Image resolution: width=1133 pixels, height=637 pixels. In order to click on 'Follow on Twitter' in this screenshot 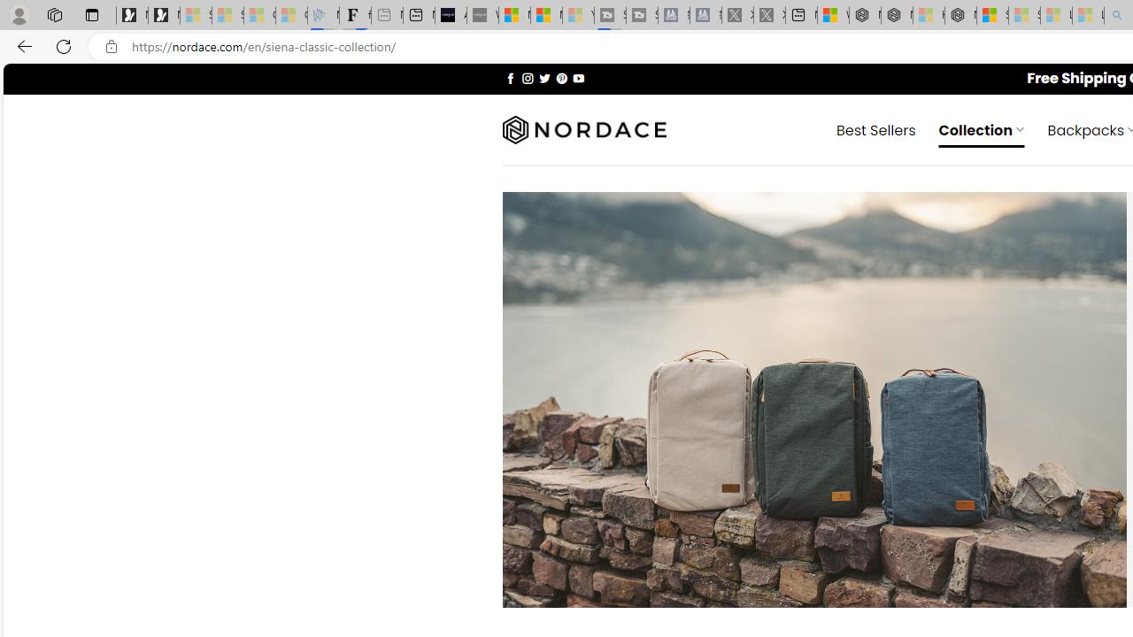, I will do `click(543, 77)`.